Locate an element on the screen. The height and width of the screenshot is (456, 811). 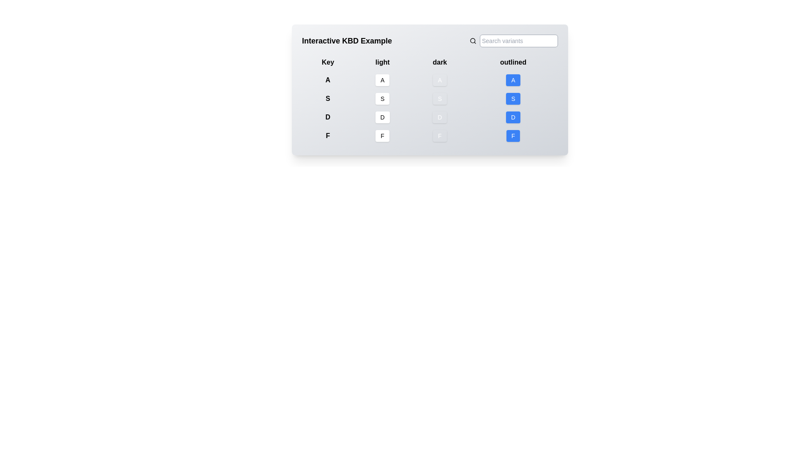
the button with a white background and the letter 'S' displayed in black is located at coordinates (382, 98).